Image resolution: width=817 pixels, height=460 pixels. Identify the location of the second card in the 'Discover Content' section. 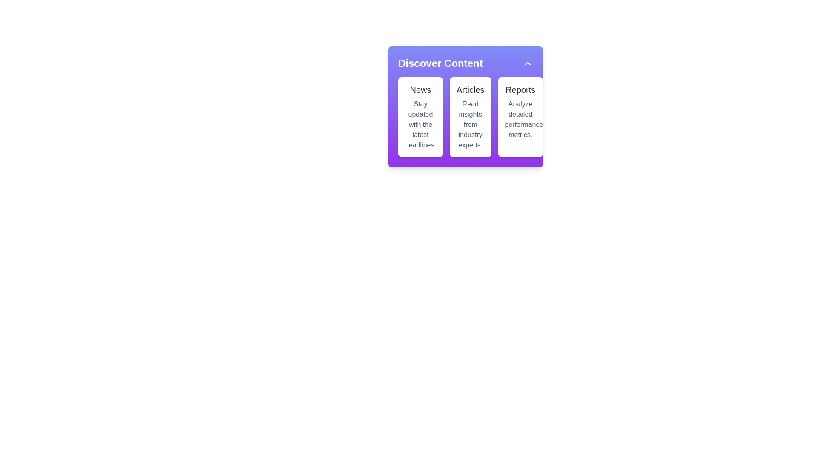
(470, 117).